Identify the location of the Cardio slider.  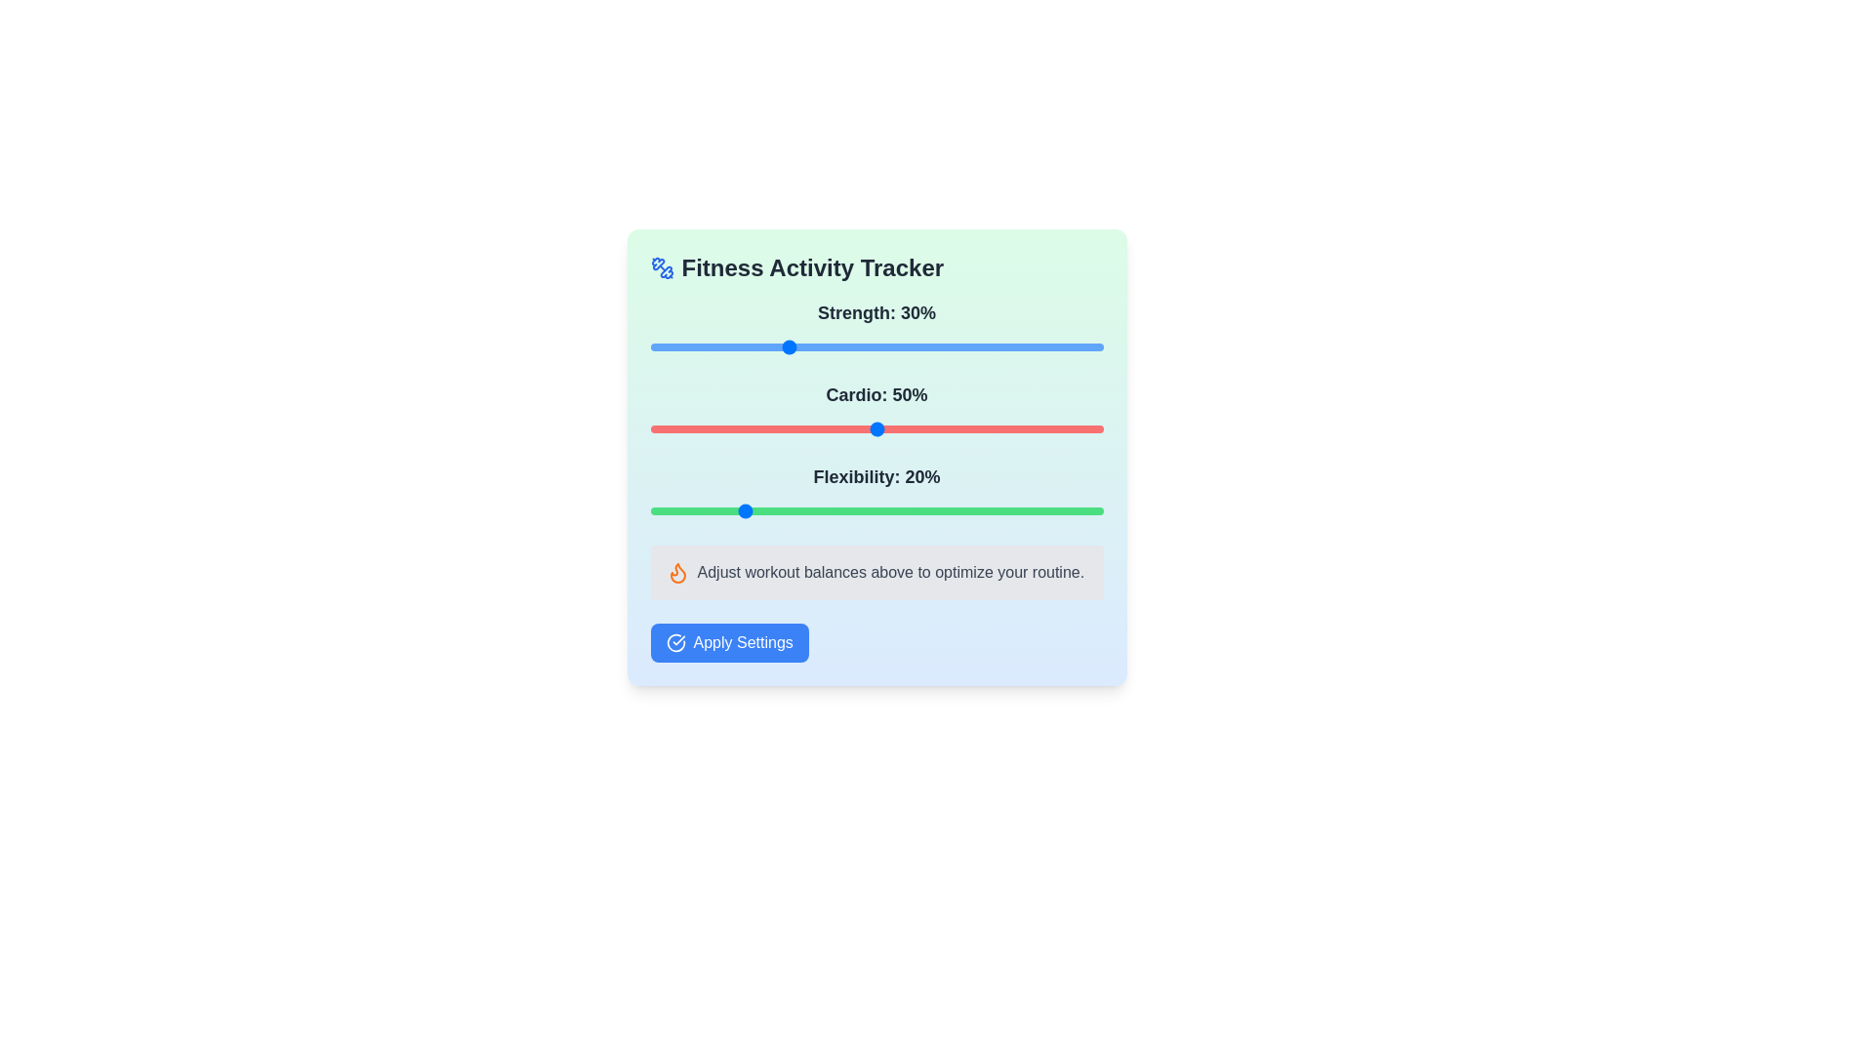
(1047, 427).